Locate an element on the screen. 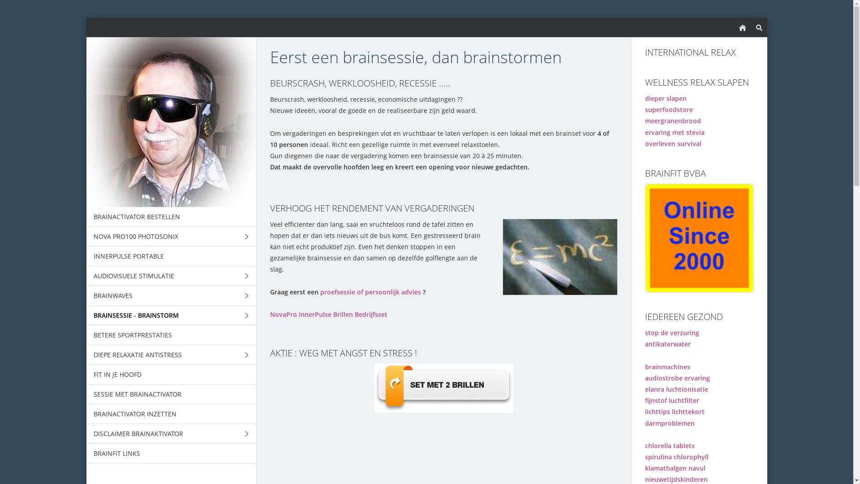 Image resolution: width=860 pixels, height=484 pixels. 'Brillen' is located at coordinates (343, 314).